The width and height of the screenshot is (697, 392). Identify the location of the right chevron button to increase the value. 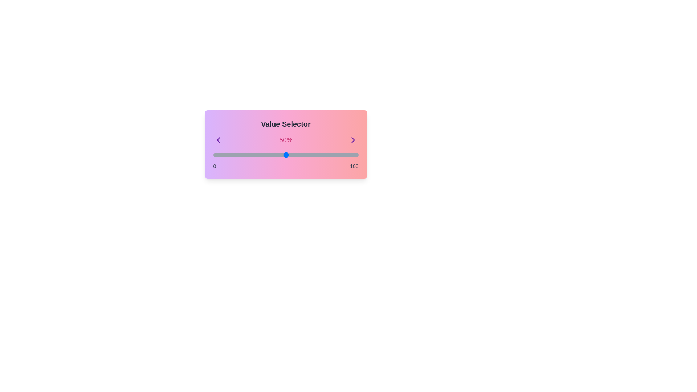
(353, 140).